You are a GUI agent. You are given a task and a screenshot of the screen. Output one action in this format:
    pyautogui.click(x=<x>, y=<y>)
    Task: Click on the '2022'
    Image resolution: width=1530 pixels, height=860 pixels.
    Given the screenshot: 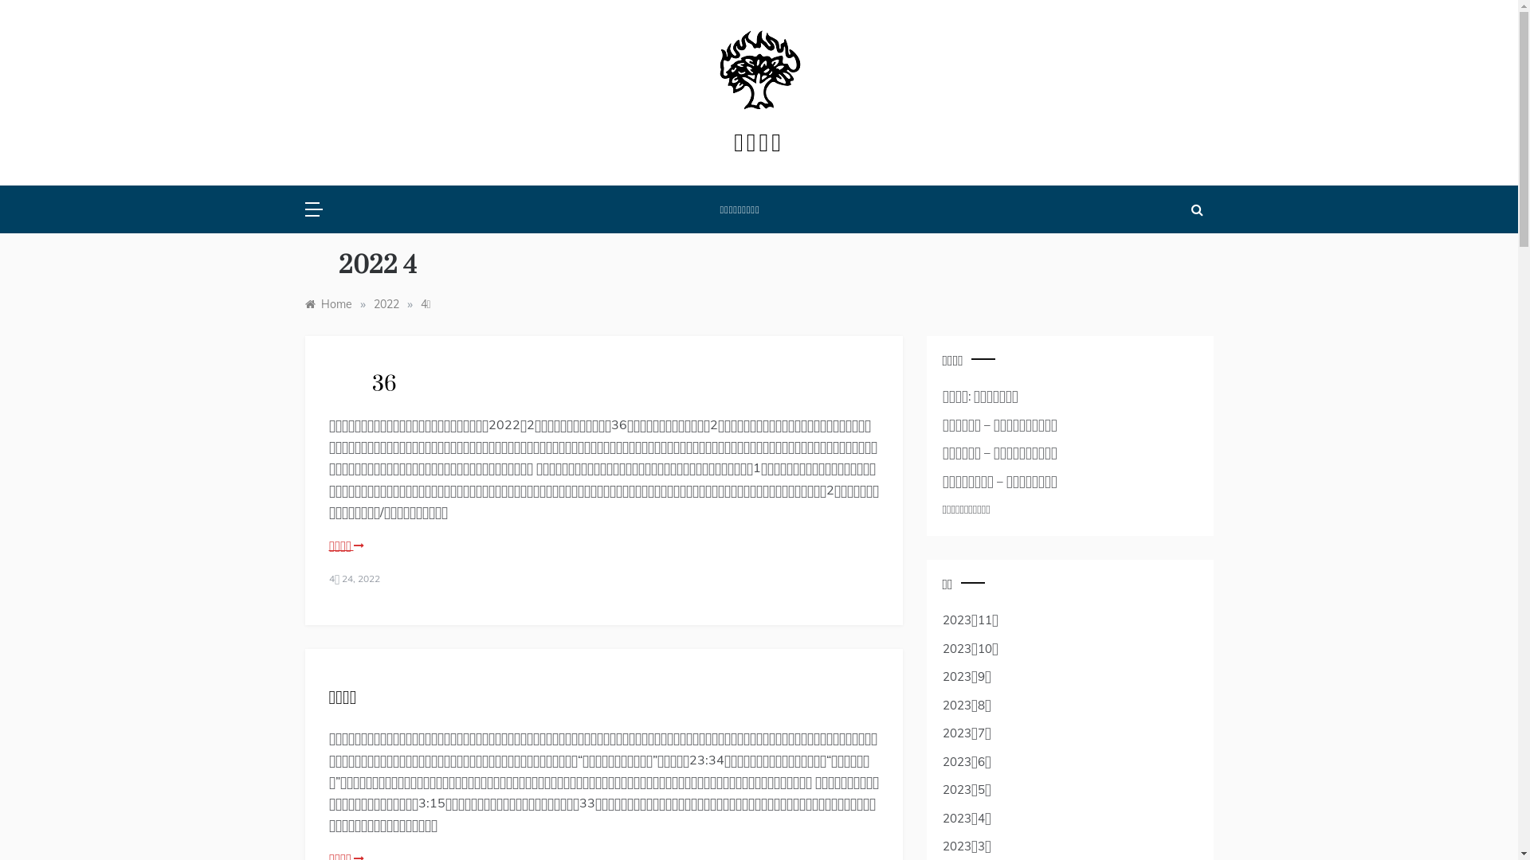 What is the action you would take?
    pyautogui.click(x=386, y=303)
    